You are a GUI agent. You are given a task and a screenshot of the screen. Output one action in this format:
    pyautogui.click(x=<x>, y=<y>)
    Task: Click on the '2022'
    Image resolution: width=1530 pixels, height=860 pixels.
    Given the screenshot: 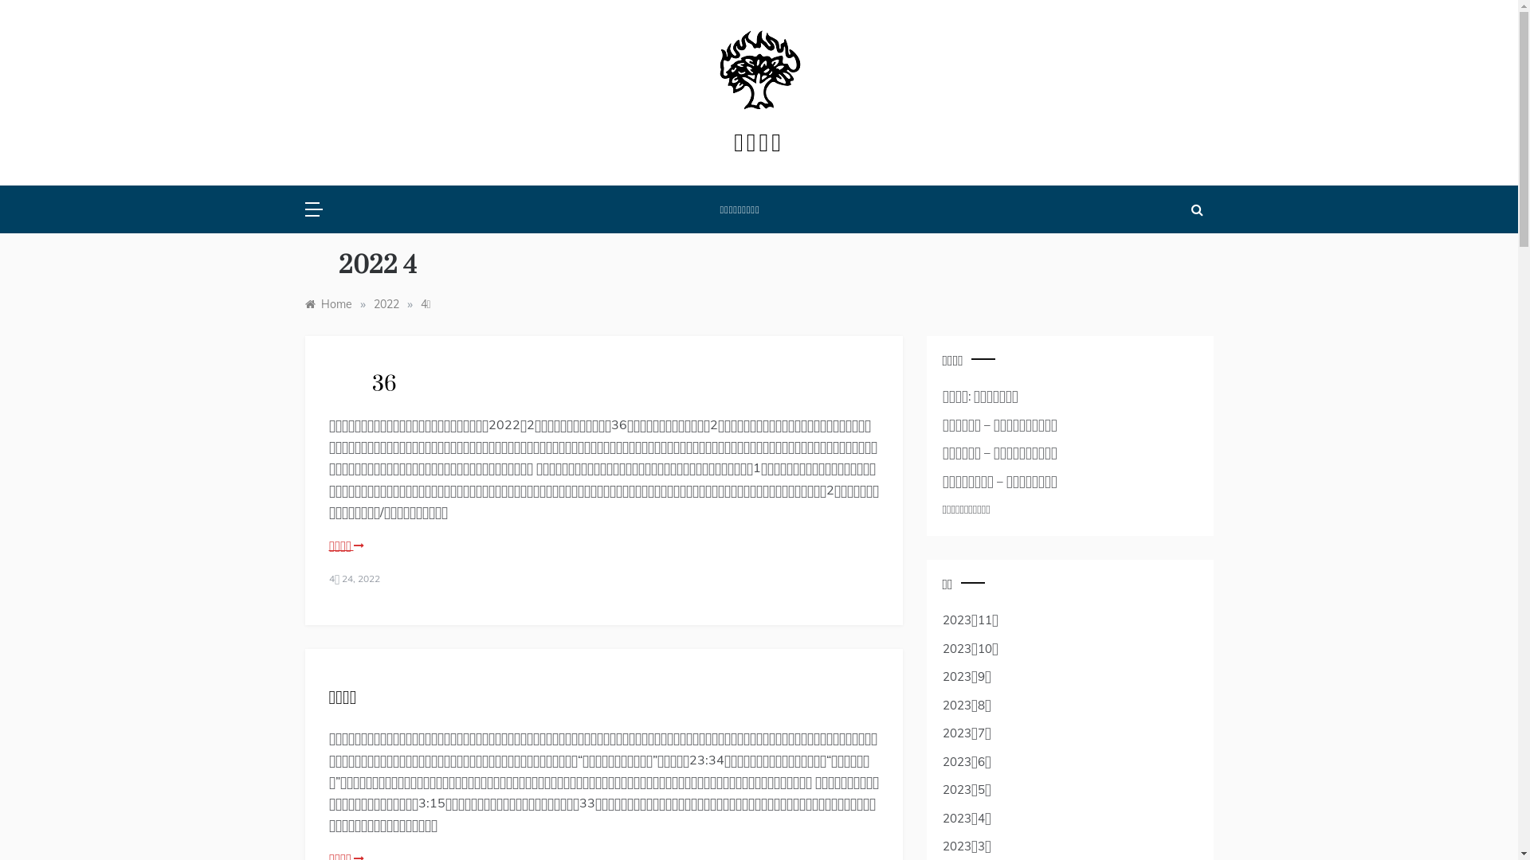 What is the action you would take?
    pyautogui.click(x=386, y=303)
    